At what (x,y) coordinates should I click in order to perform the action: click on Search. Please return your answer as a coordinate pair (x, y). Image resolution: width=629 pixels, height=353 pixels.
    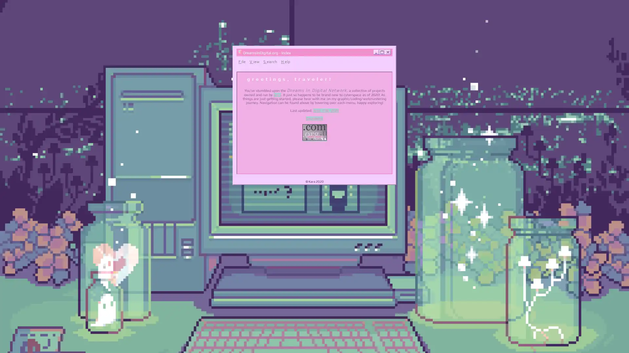
    Looking at the image, I should click on (270, 62).